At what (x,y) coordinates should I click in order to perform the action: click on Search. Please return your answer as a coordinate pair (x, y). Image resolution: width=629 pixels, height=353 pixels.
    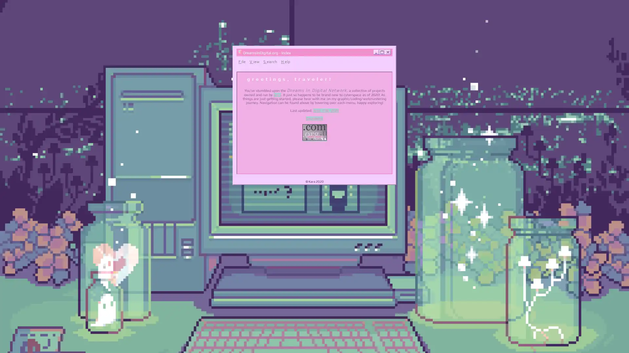
    Looking at the image, I should click on (270, 62).